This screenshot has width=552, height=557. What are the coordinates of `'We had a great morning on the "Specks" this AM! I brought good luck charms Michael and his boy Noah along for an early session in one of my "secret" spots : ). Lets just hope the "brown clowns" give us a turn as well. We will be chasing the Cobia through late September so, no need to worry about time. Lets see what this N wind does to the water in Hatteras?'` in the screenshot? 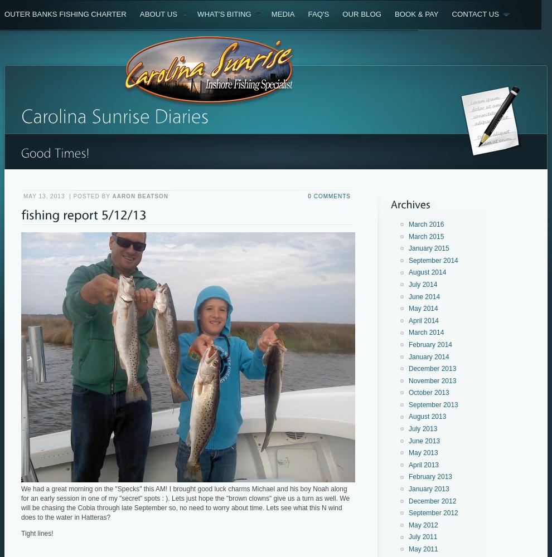 It's located at (185, 503).